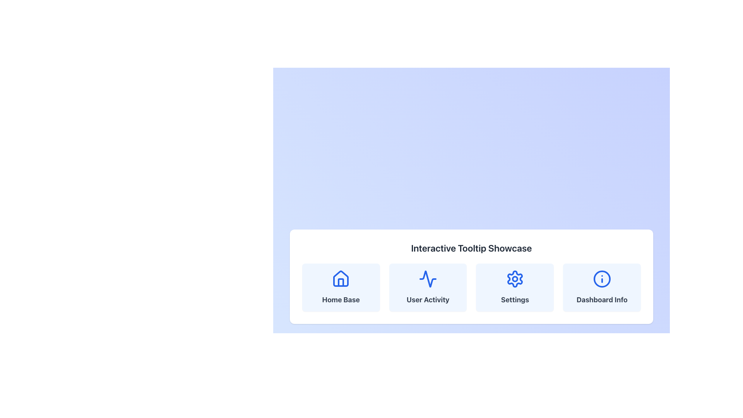  What do you see at coordinates (515, 288) in the screenshot?
I see `the 'Settings' button, which is a rectangular button with a light blue background and a blue gear icon, to possibly reveal additional information or effects` at bounding box center [515, 288].